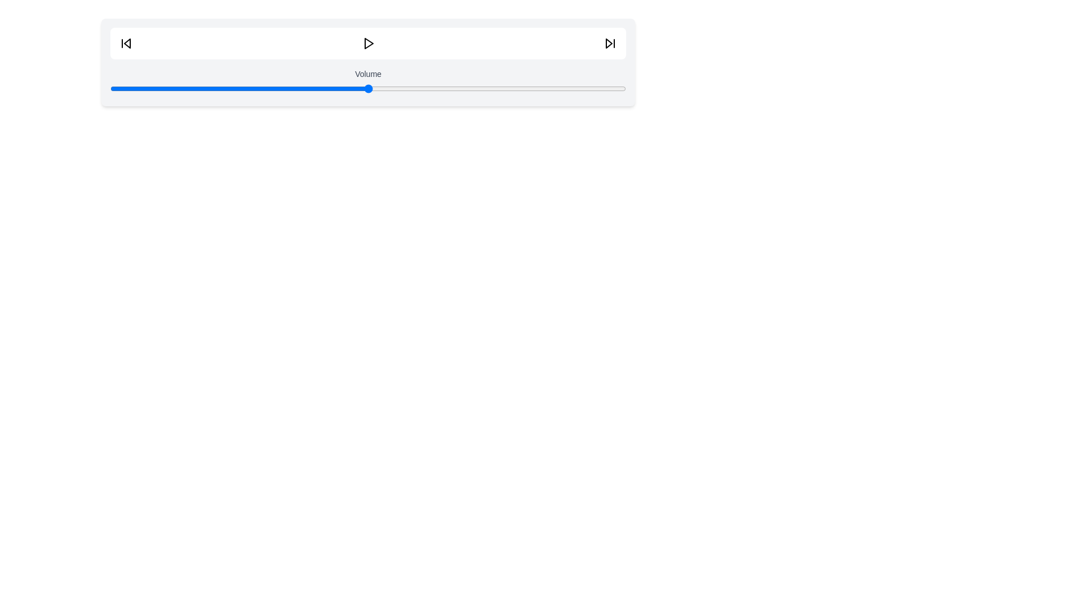  What do you see at coordinates (512, 88) in the screenshot?
I see `the volume` at bounding box center [512, 88].